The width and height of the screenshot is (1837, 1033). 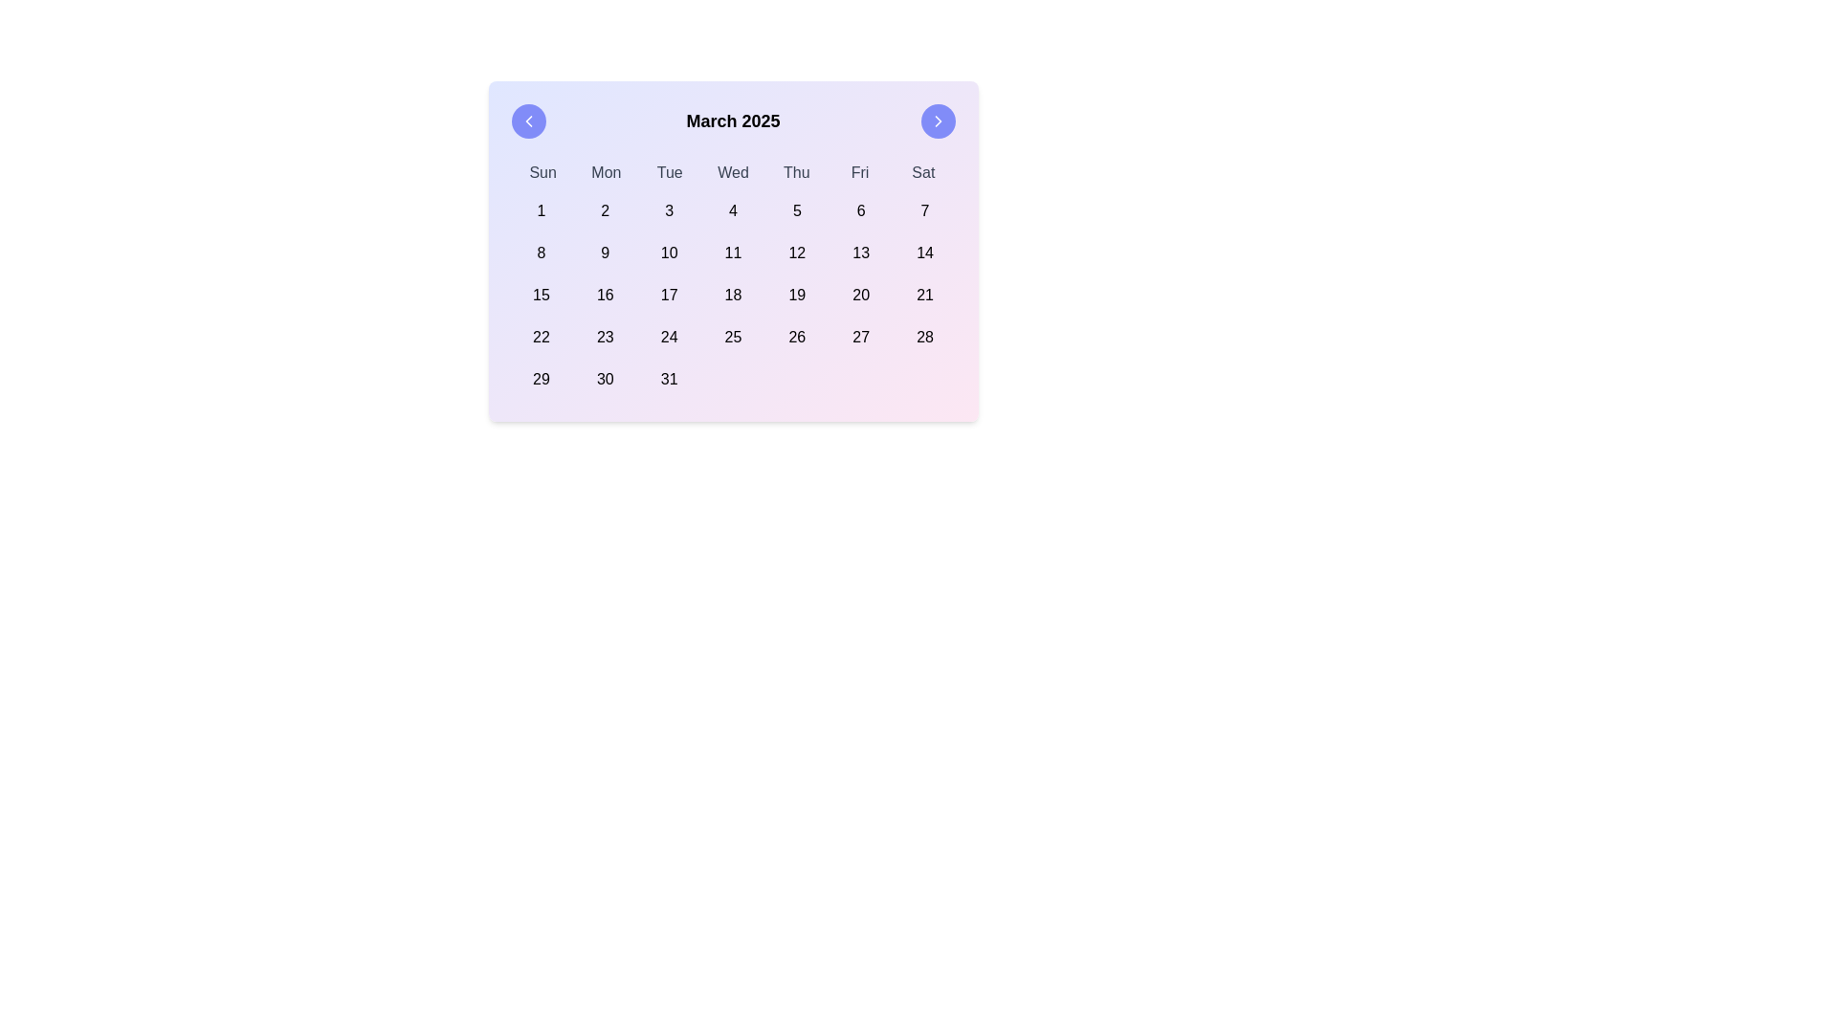 What do you see at coordinates (732, 295) in the screenshot?
I see `the button located in the third row and fourth column of the calendar grid` at bounding box center [732, 295].